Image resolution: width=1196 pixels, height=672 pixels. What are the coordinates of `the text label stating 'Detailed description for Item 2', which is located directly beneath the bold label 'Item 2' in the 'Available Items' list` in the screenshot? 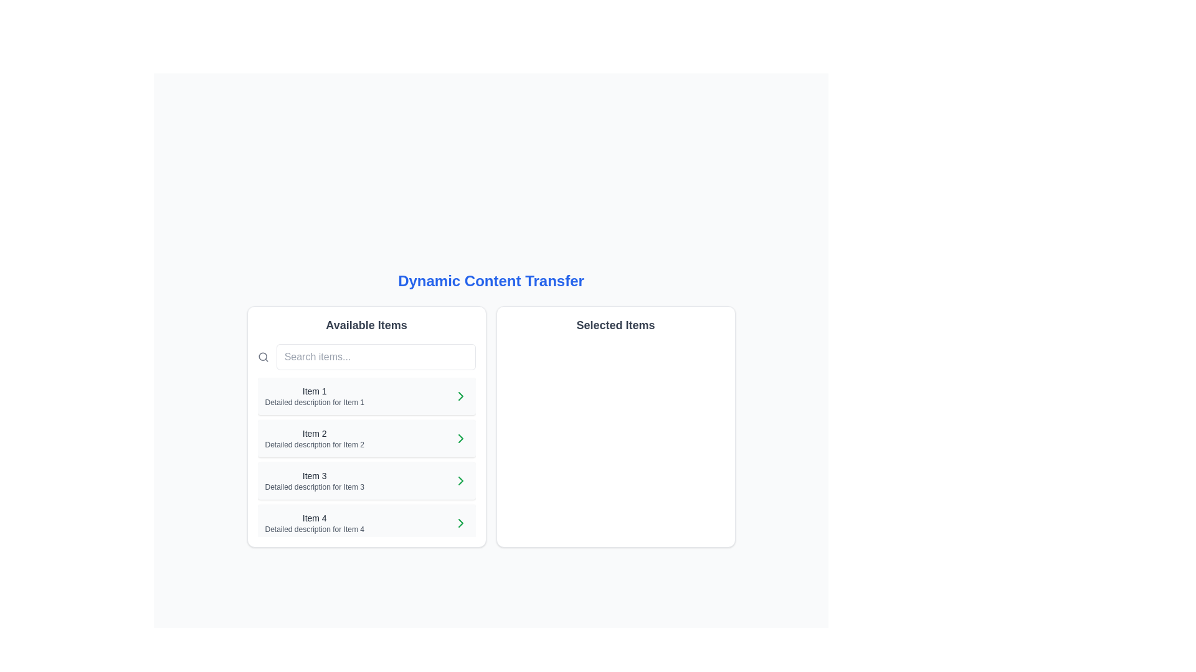 It's located at (315, 444).